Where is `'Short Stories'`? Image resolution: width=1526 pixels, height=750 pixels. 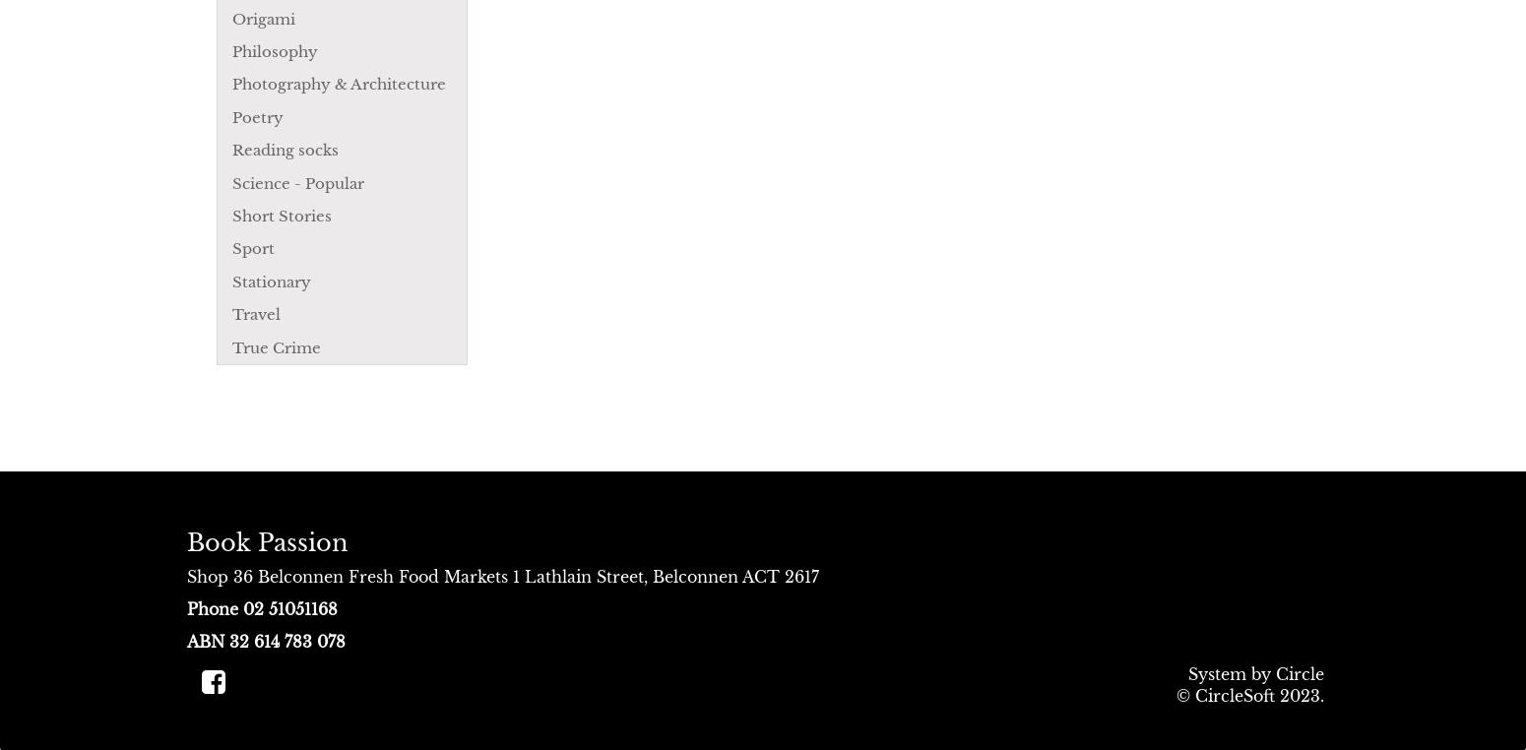
'Short Stories' is located at coordinates (232, 216).